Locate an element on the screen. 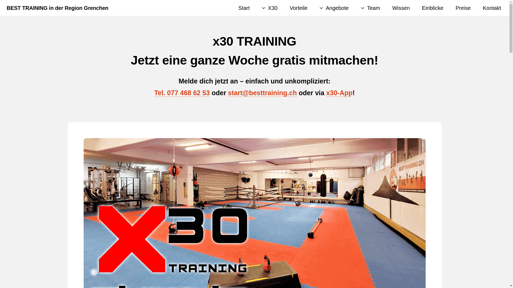  'BEST TRAINING in der Region Grenchen' is located at coordinates (57, 8).